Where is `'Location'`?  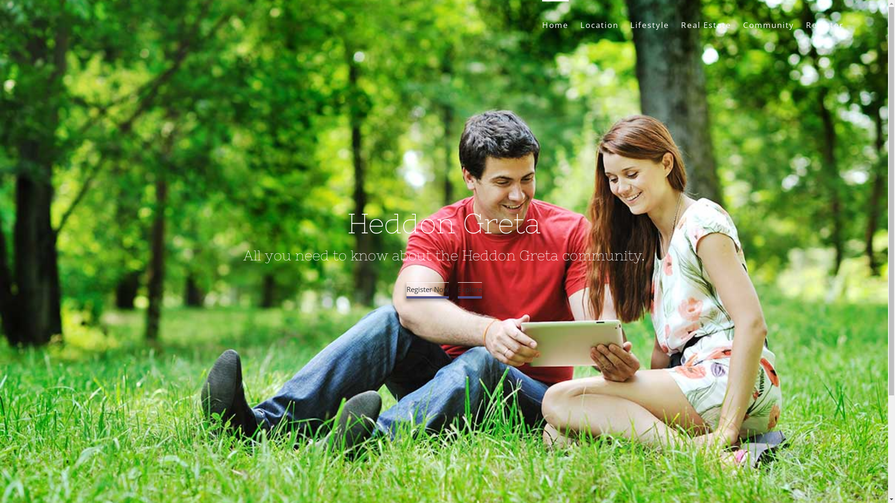 'Location' is located at coordinates (599, 23).